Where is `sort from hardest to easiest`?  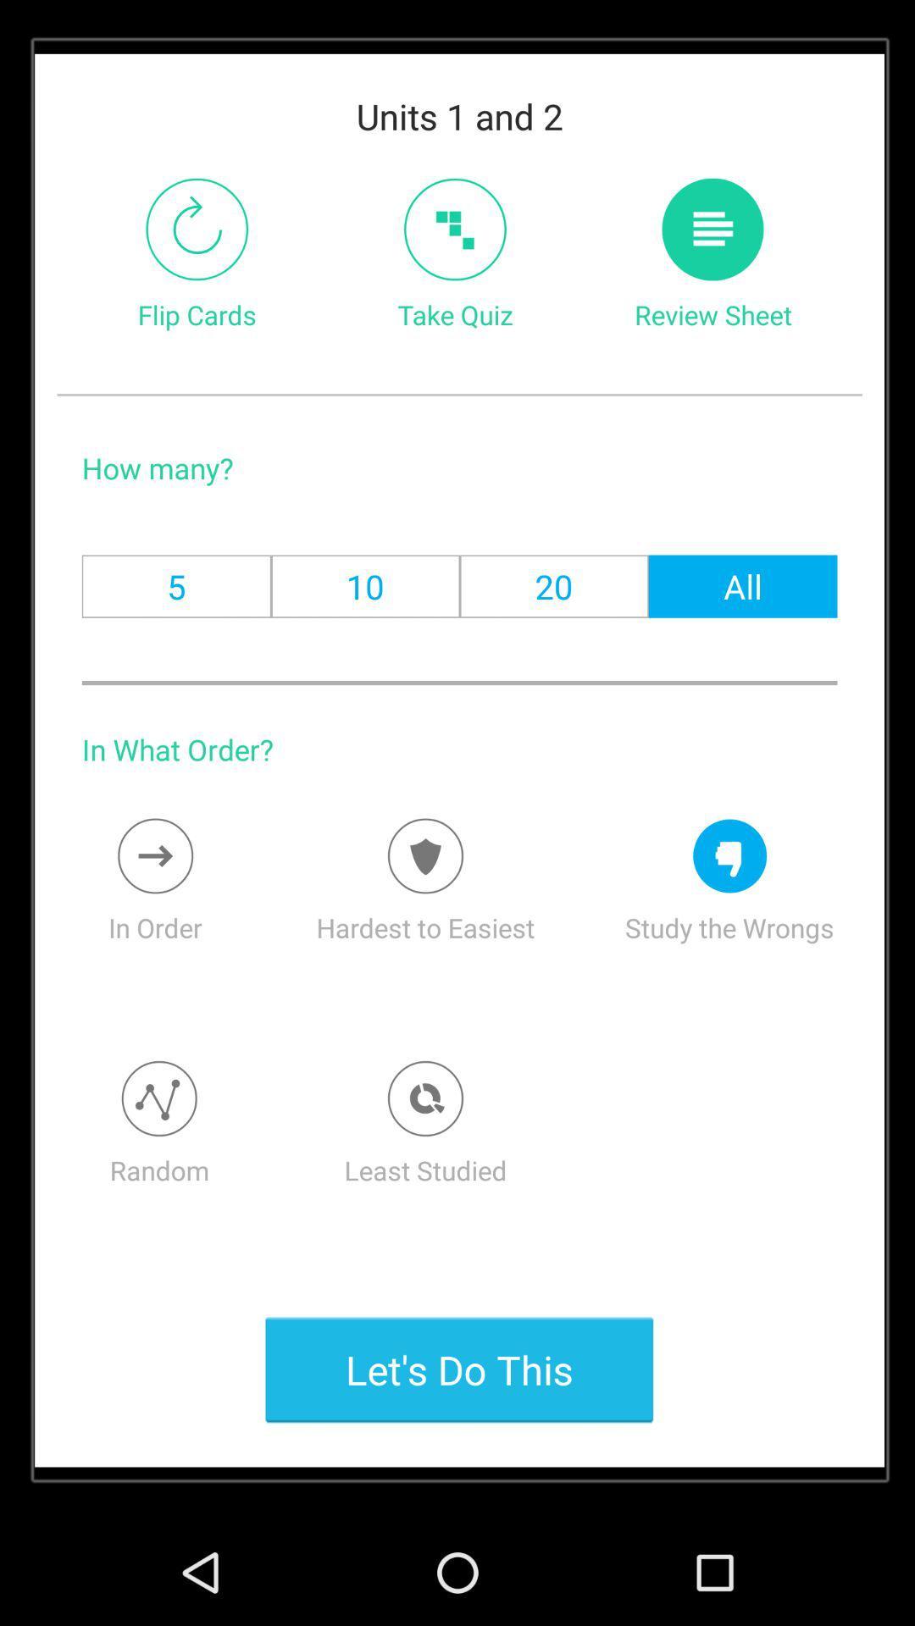 sort from hardest to easiest is located at coordinates (424, 856).